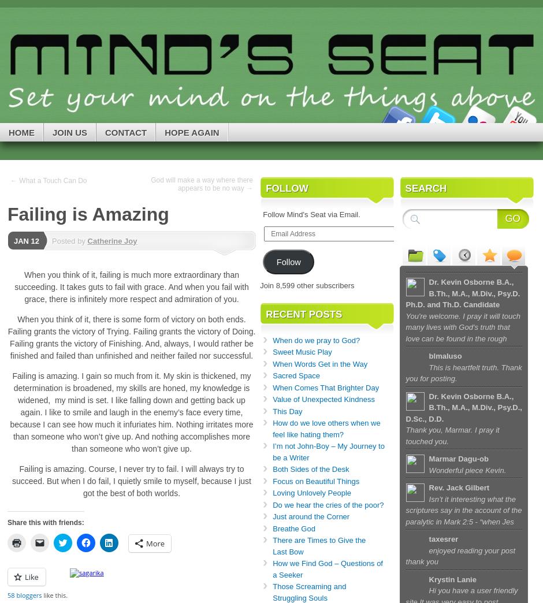 This screenshot has width=543, height=603. I want to click on 'Home', so click(21, 132).